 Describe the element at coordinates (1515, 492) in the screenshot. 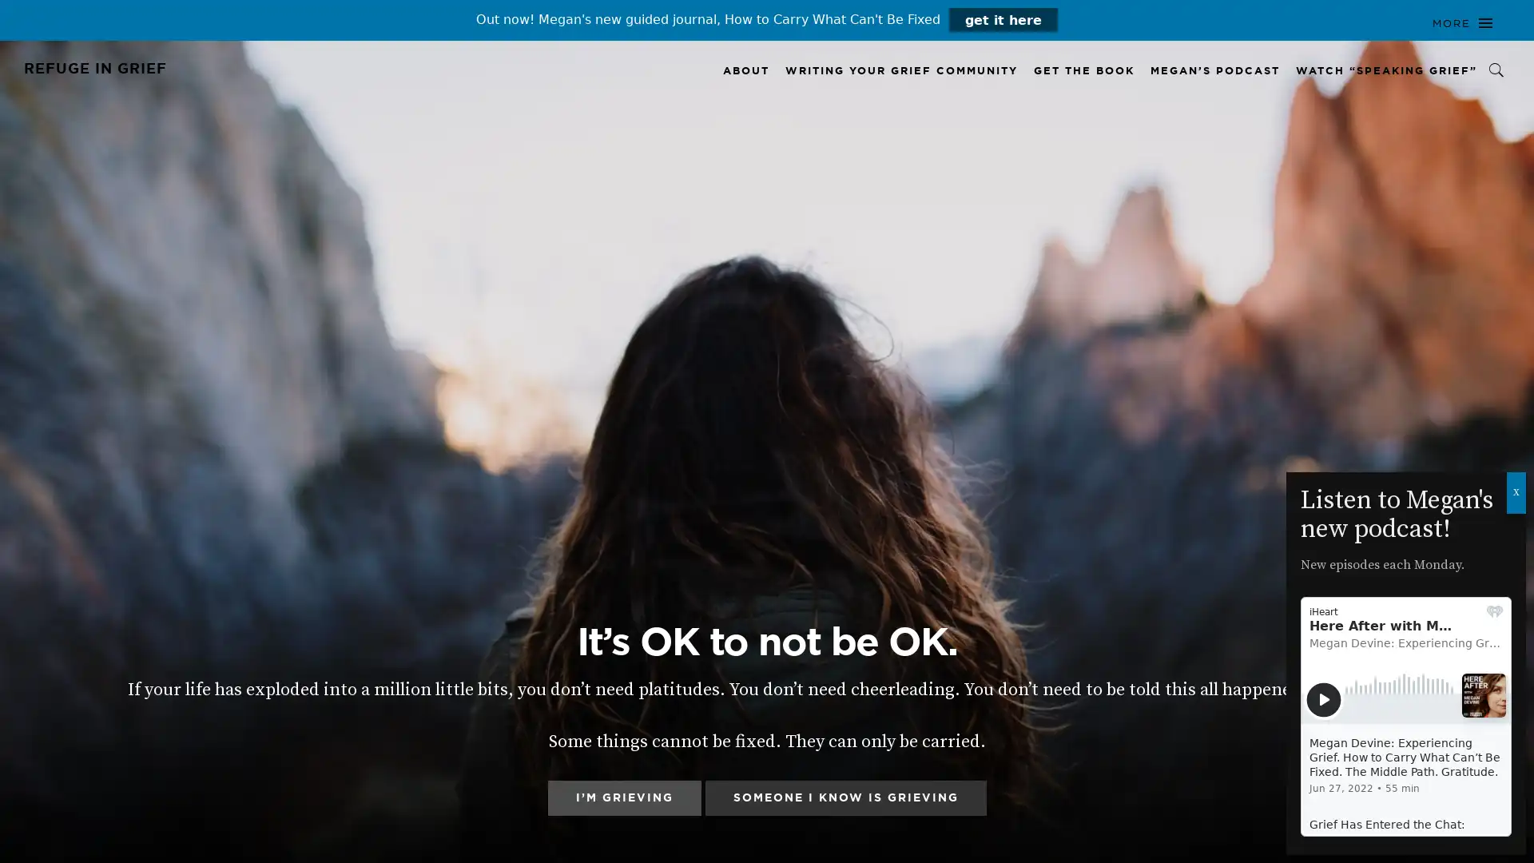

I see `Close` at that location.